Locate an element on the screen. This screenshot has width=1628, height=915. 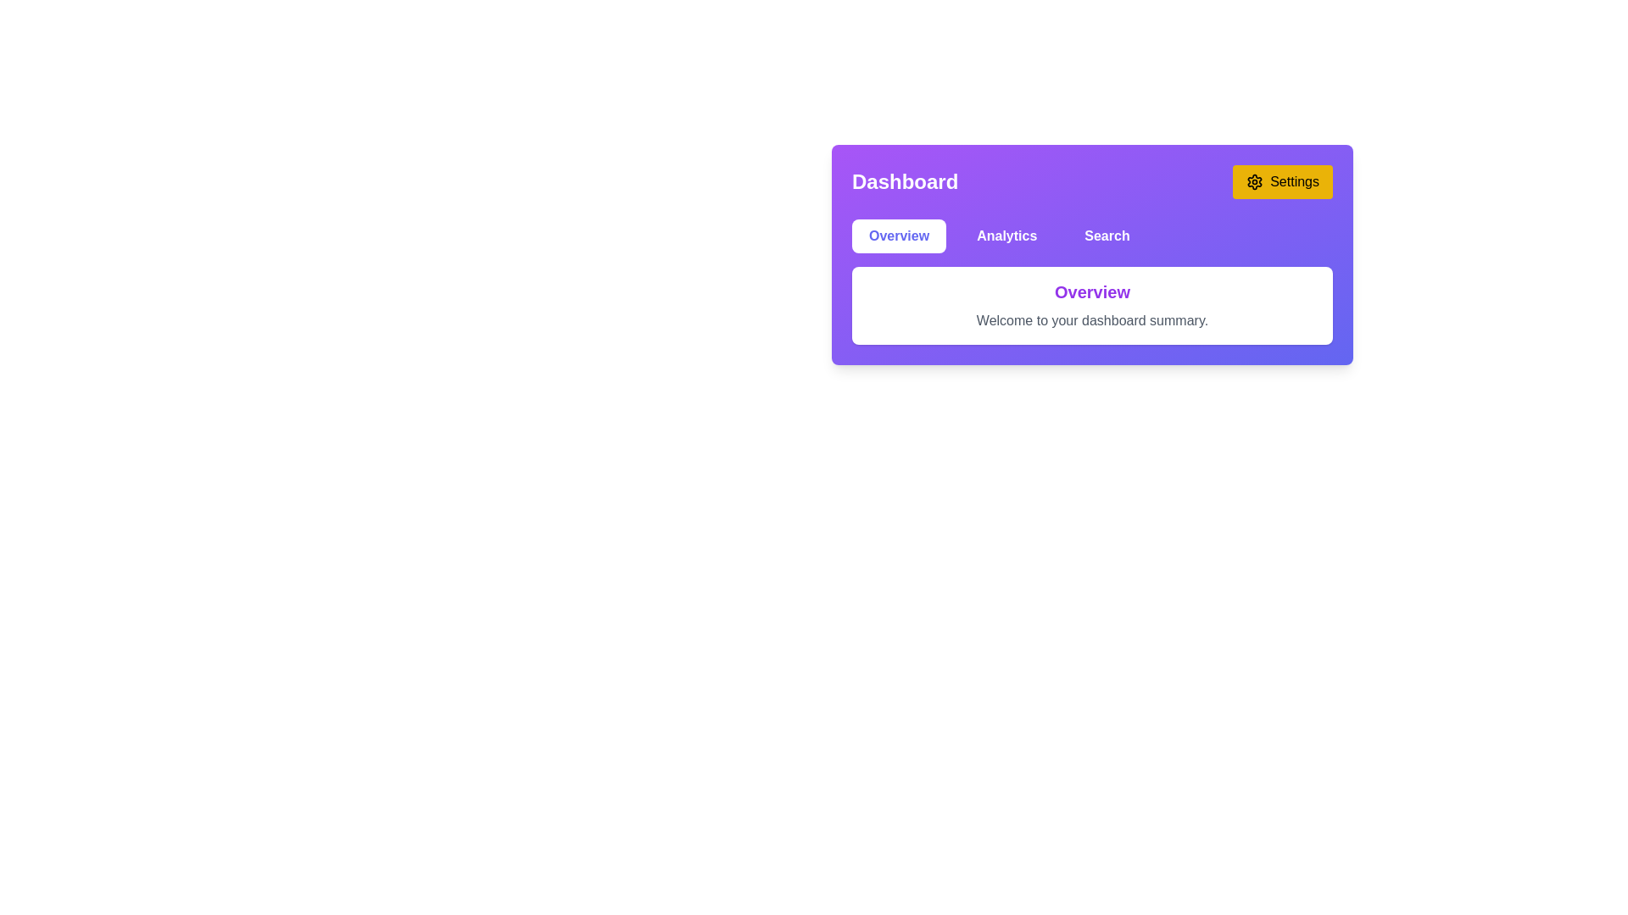
the text label that provides a summary message or introduction to the dashboard, located below the 'Overview' title in the purple dashboard interface is located at coordinates (1092, 320).